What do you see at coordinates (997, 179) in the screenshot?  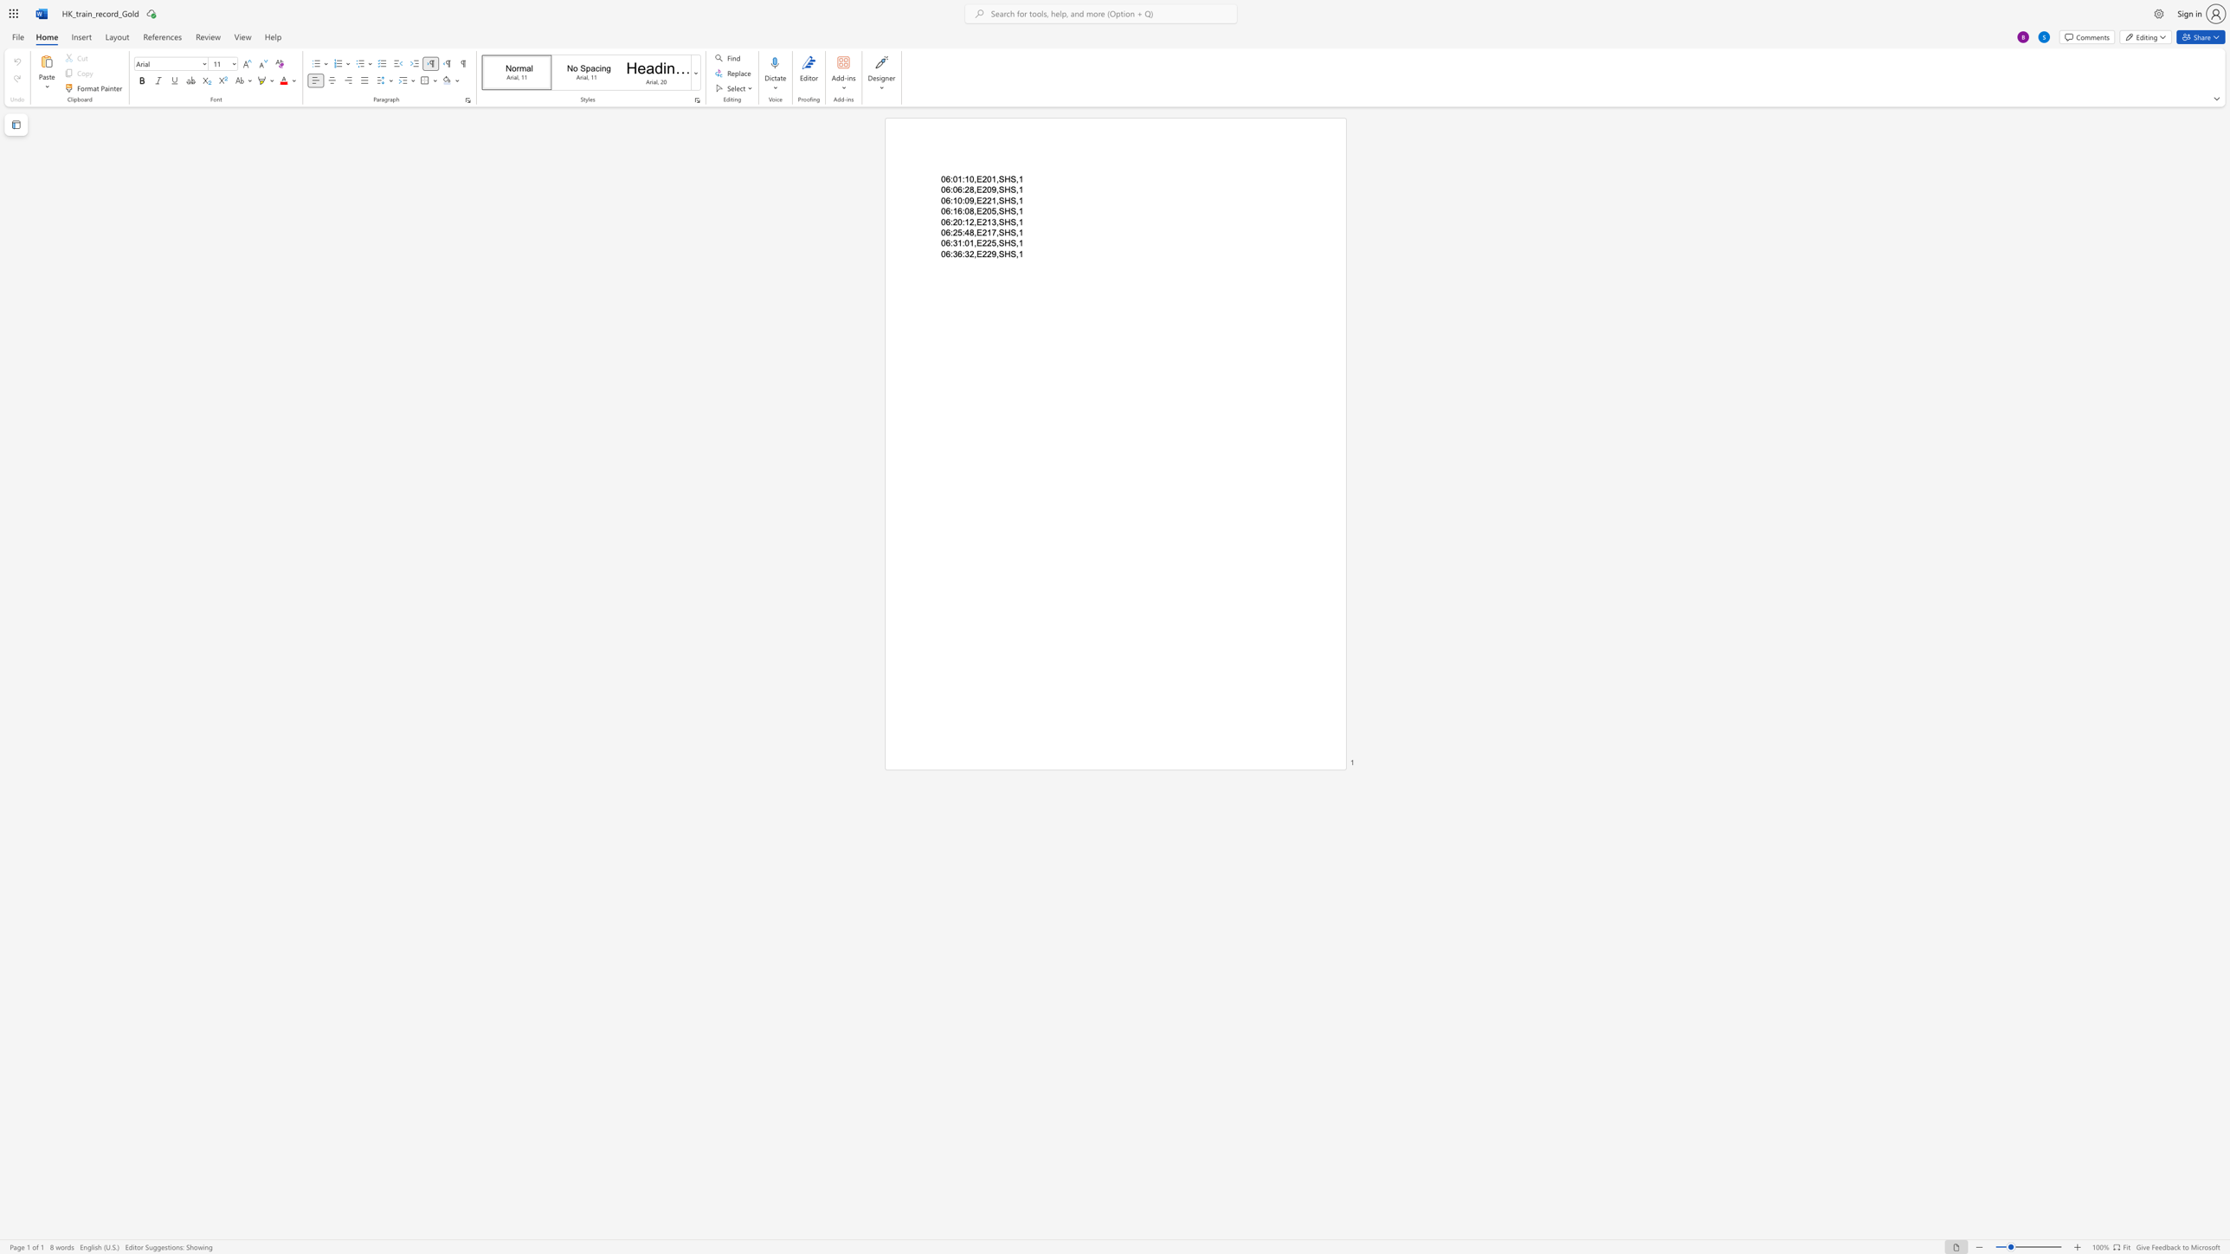 I see `the 2th character "," in the text` at bounding box center [997, 179].